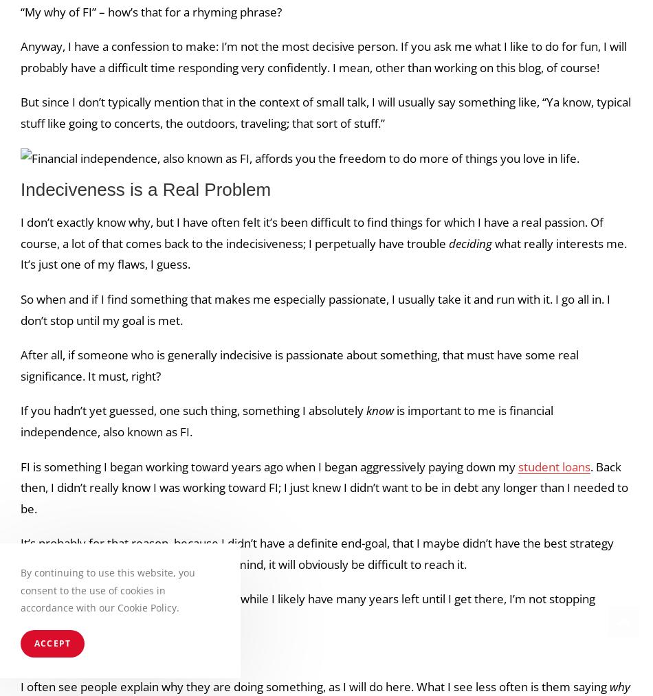 The height and width of the screenshot is (696, 653). I want to click on 'FI is something I began working toward years ago when I began aggressively paying down my', so click(268, 465).